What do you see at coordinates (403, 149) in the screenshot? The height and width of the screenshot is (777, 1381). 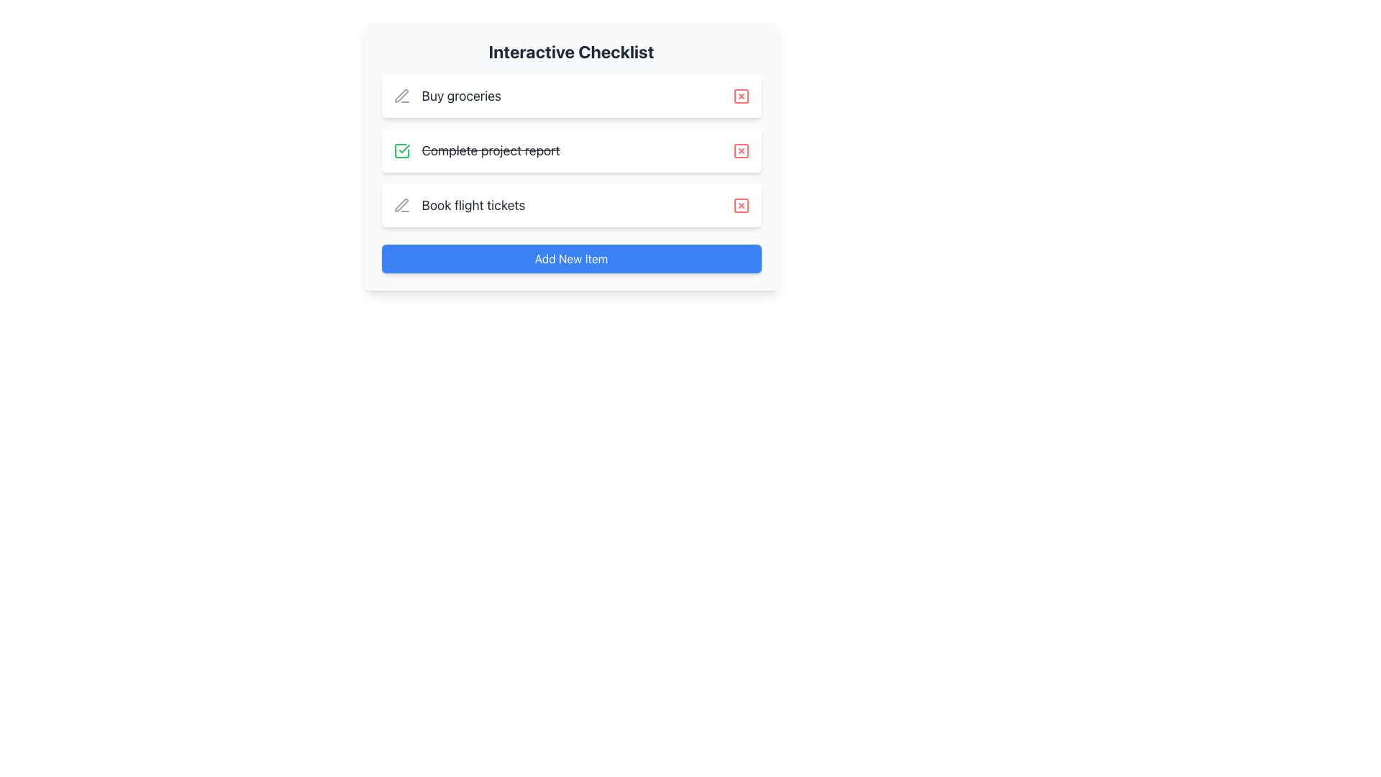 I see `the completion indicator icon located to the left of the text 'Complete project report' in the second row of the checklist` at bounding box center [403, 149].